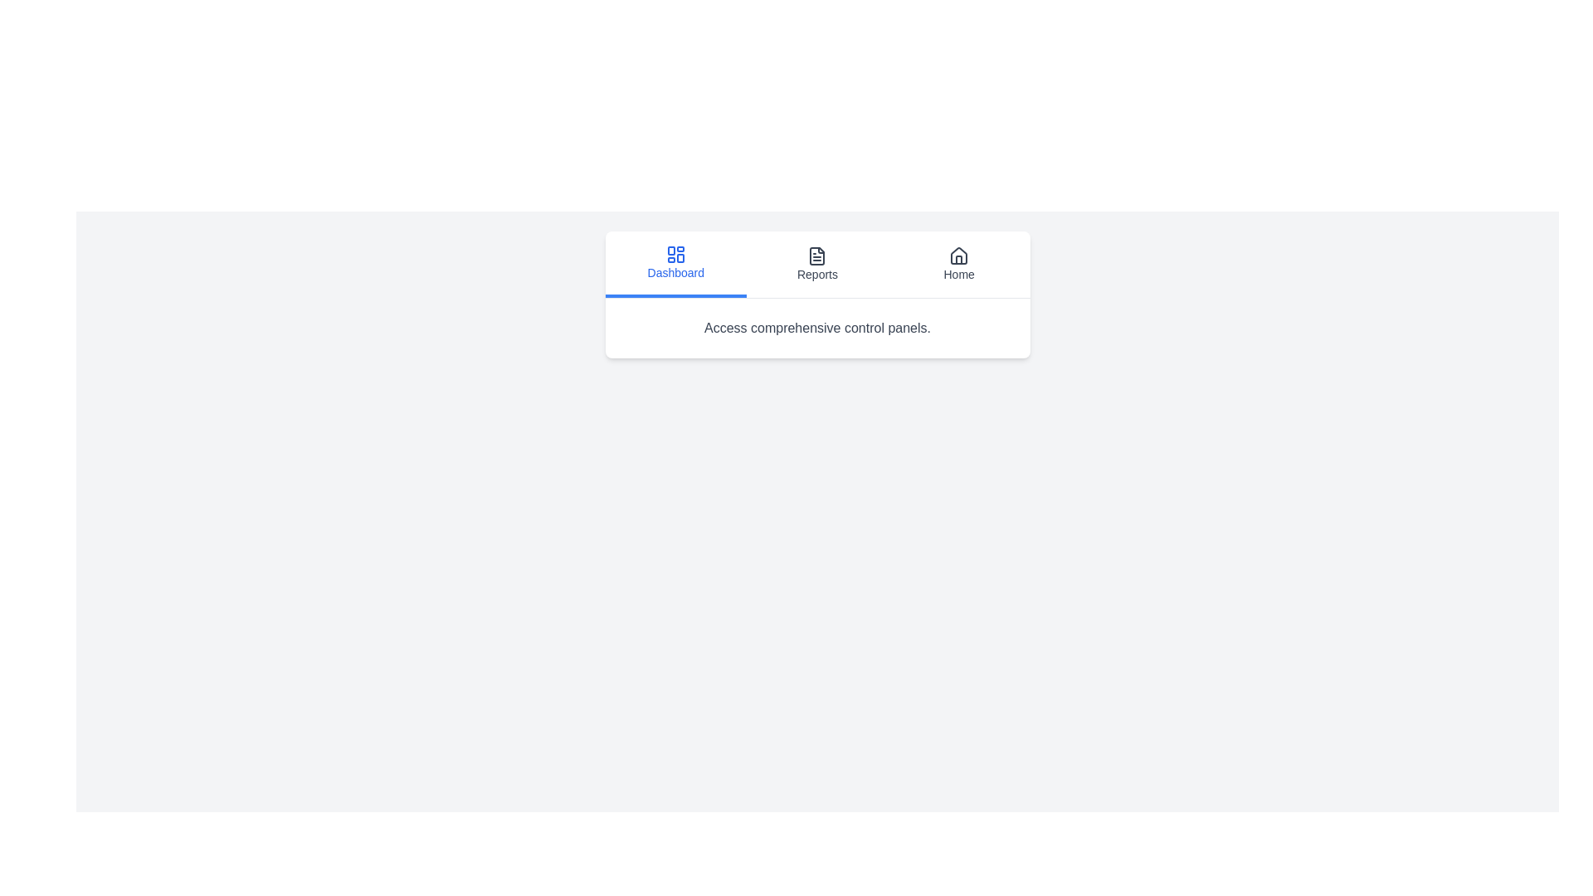 This screenshot has height=896, width=1593. I want to click on the tab button labeled Home, so click(959, 264).